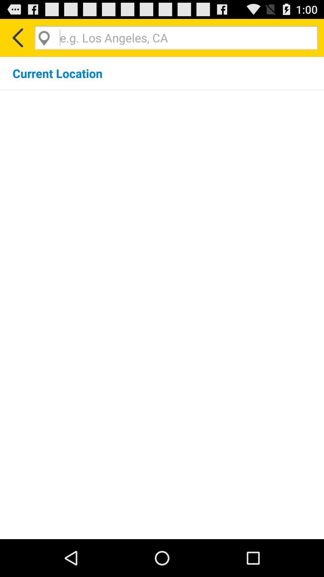  I want to click on the item above current location icon, so click(17, 37).